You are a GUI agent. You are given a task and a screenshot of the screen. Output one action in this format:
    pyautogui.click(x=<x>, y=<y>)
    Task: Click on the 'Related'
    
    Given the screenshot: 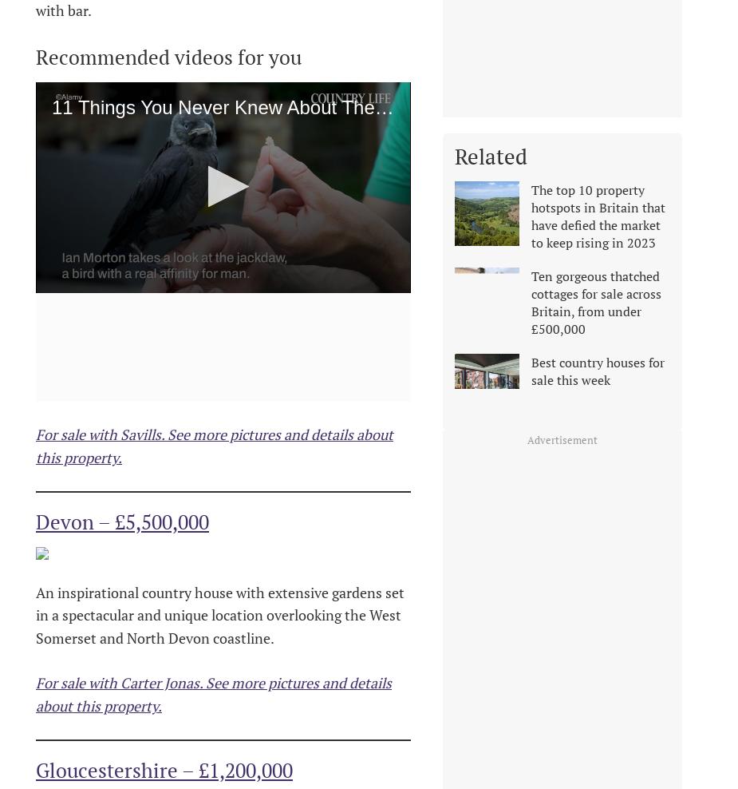 What is the action you would take?
    pyautogui.click(x=491, y=156)
    